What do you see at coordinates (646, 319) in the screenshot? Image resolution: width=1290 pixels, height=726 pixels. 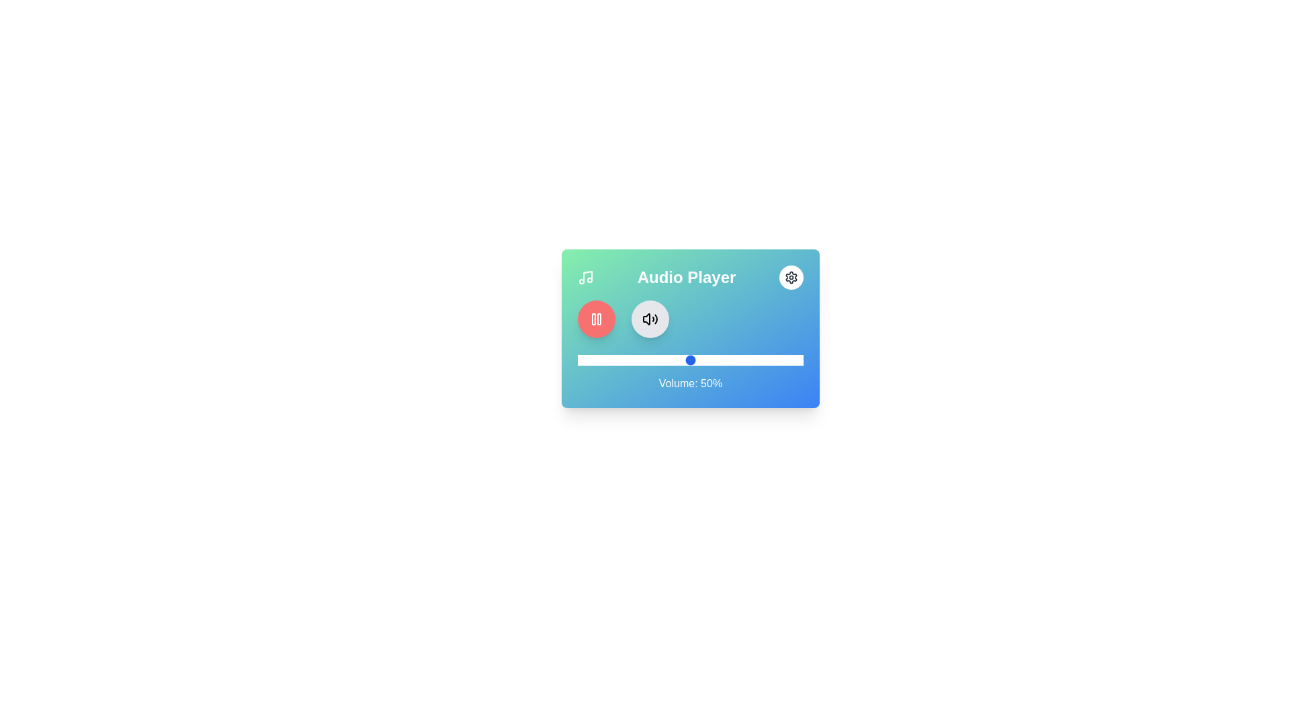 I see `the left-facing speaker icon within the audio player interface, which is the first component in its group, to access its associated functionality` at bounding box center [646, 319].